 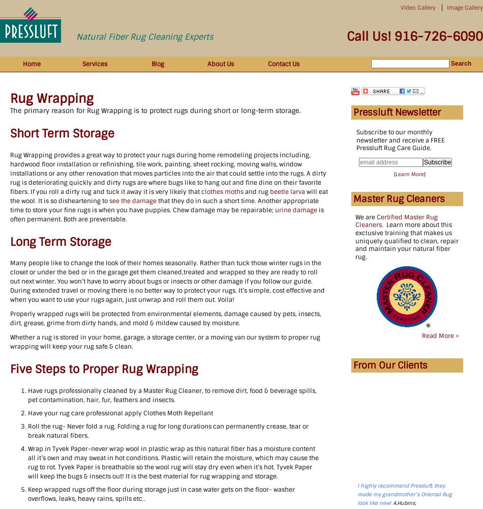 What do you see at coordinates (171, 395) in the screenshot?
I see `'Have rugs professionally cleaned by a Master Rug Cleaner, to remove dirt, food & beverage spills, pet contamination, hair, fur, feathers and insects.'` at bounding box center [171, 395].